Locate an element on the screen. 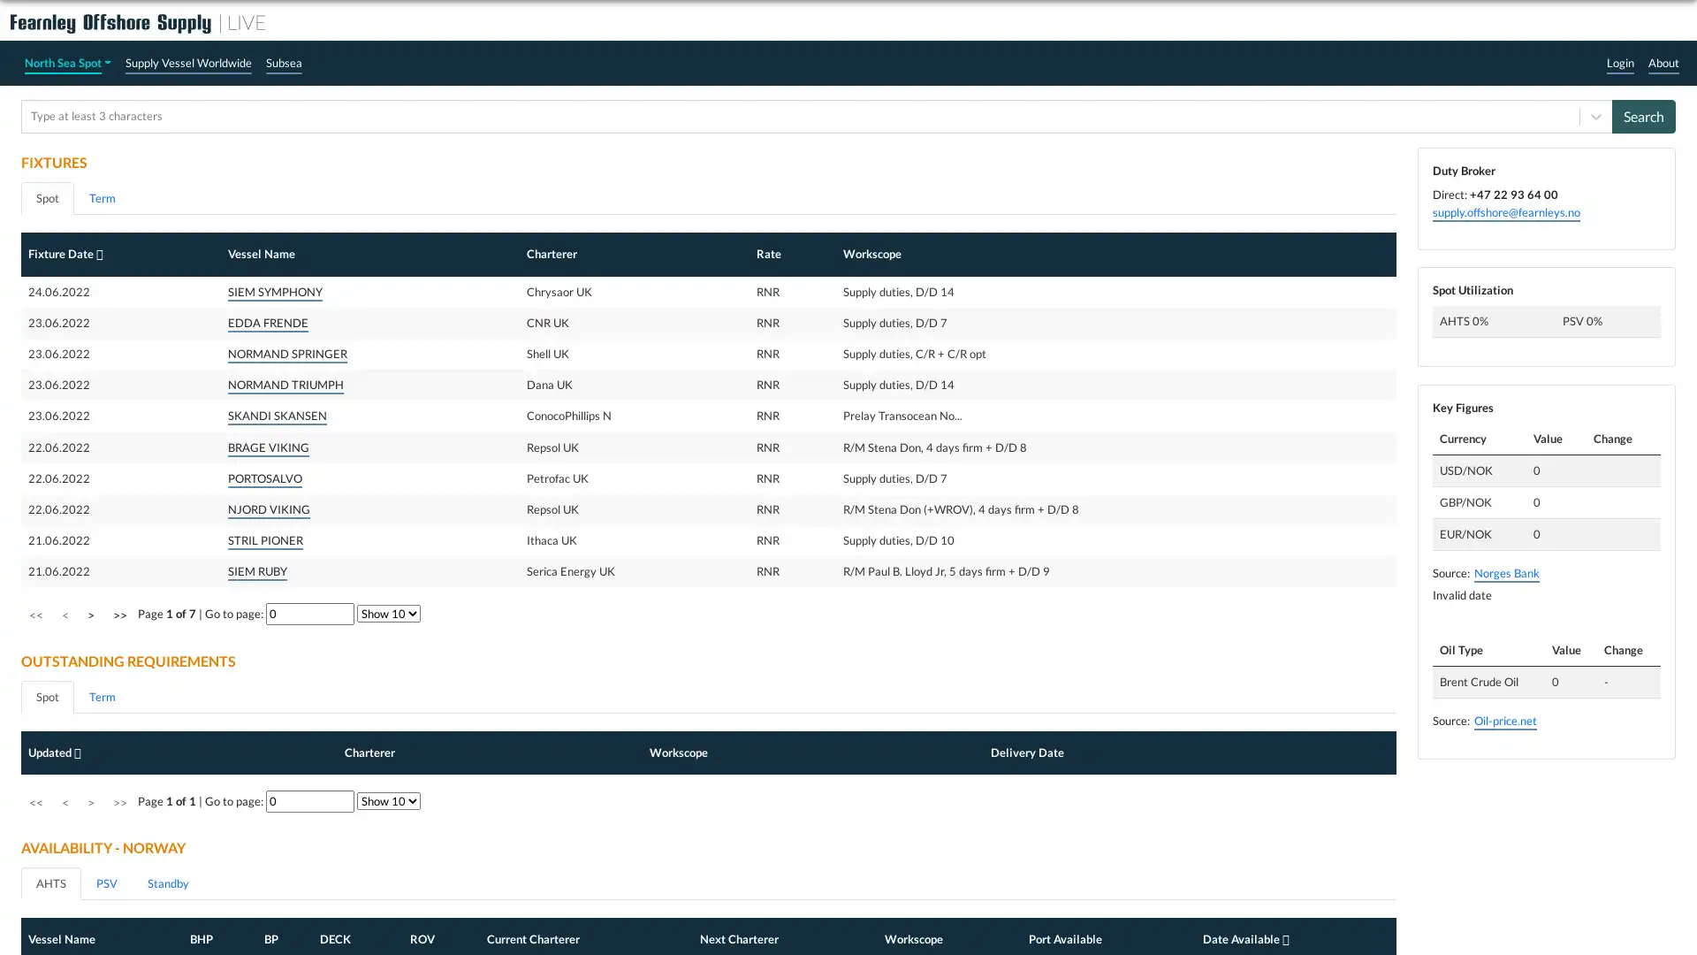 This screenshot has height=955, width=1697. > is located at coordinates (89, 895).